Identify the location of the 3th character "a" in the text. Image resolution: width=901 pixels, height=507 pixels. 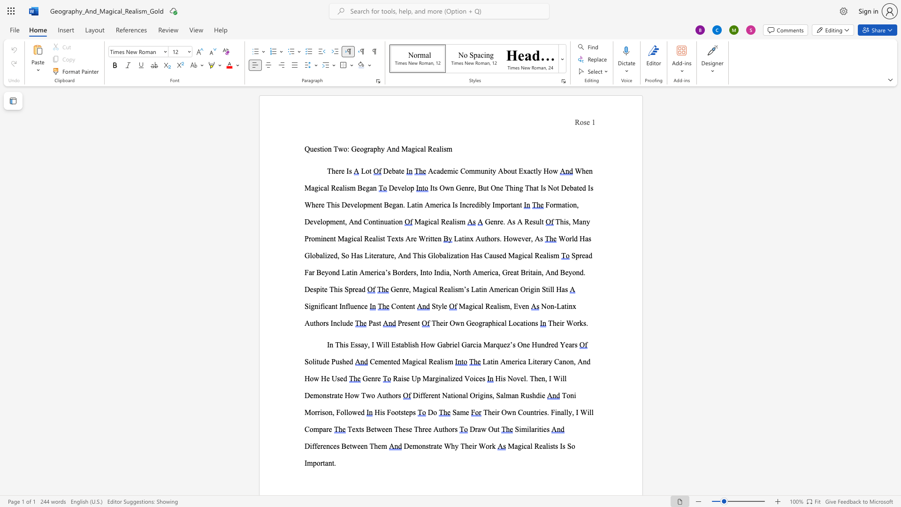
(421, 148).